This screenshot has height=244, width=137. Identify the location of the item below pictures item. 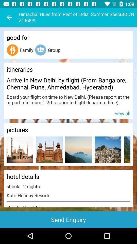
(49, 150).